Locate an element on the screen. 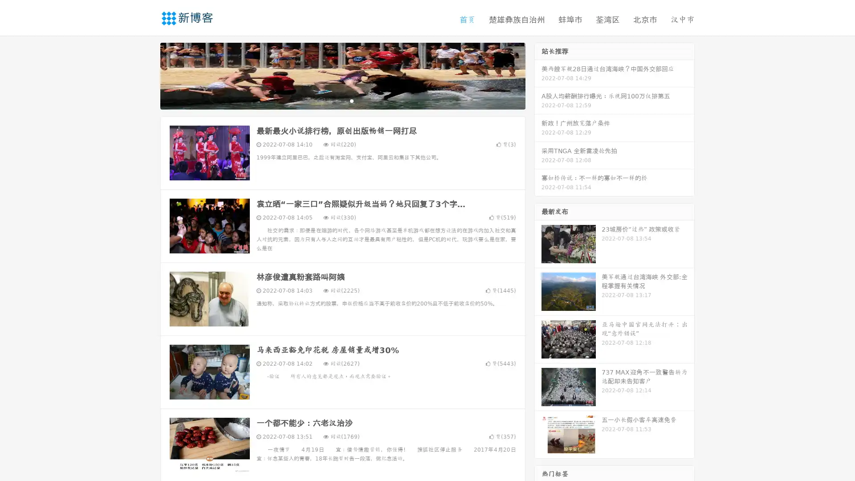 The width and height of the screenshot is (855, 481). Previous slide is located at coordinates (147, 75).